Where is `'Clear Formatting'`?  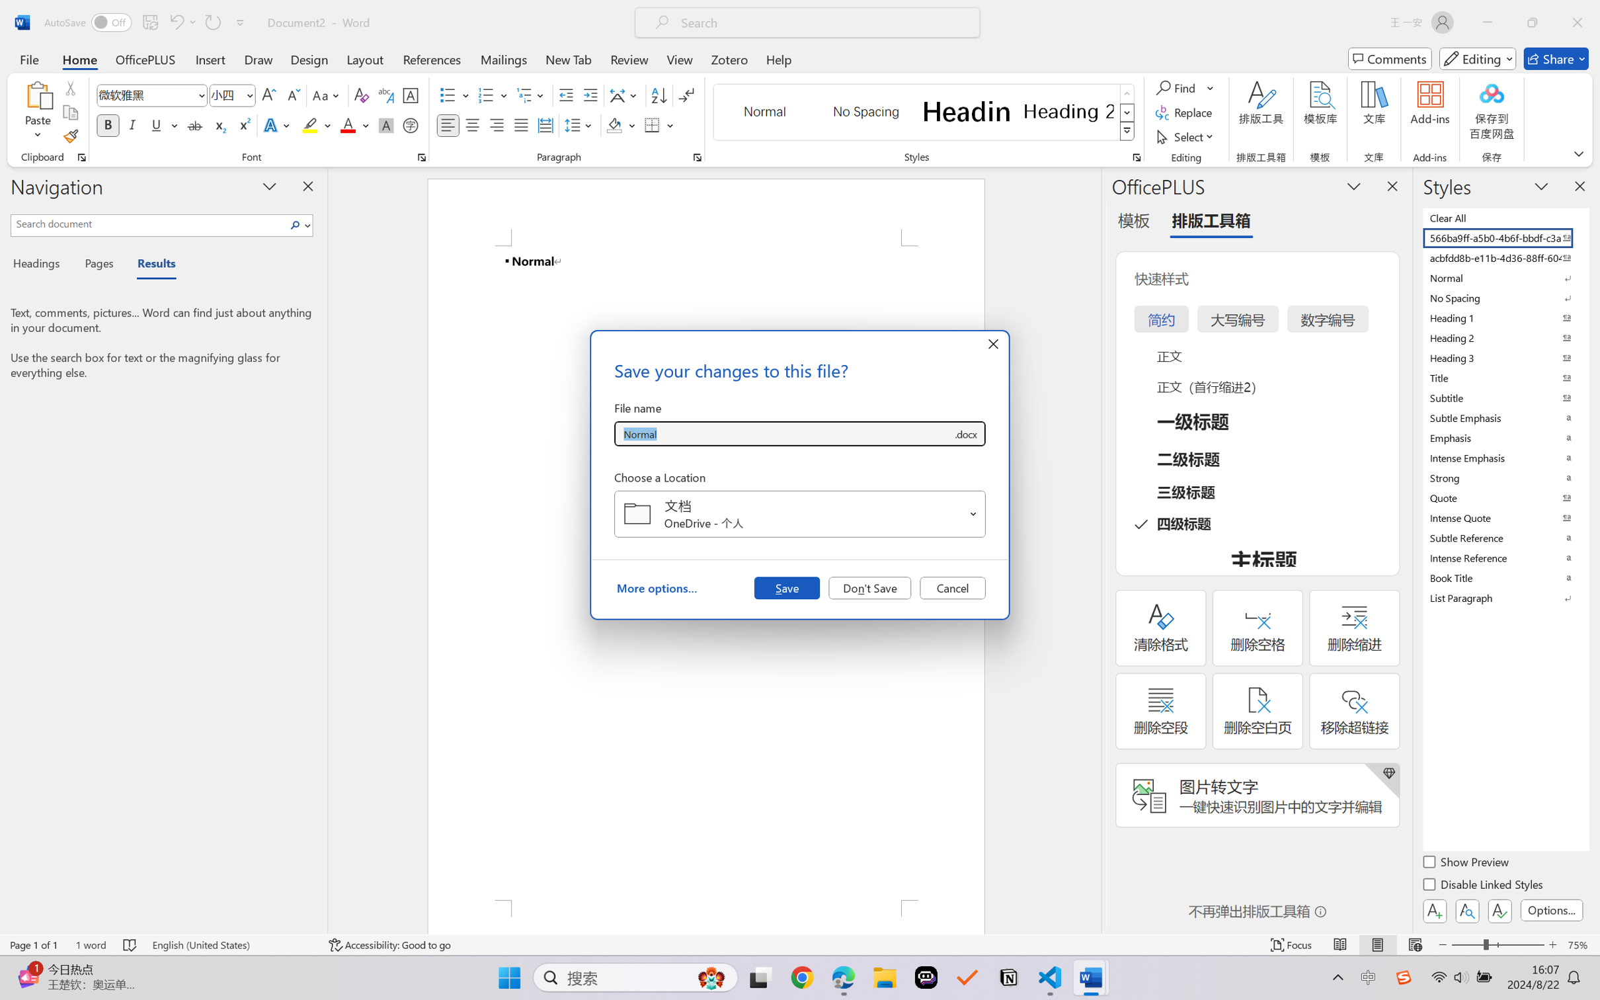 'Clear Formatting' is located at coordinates (360, 95).